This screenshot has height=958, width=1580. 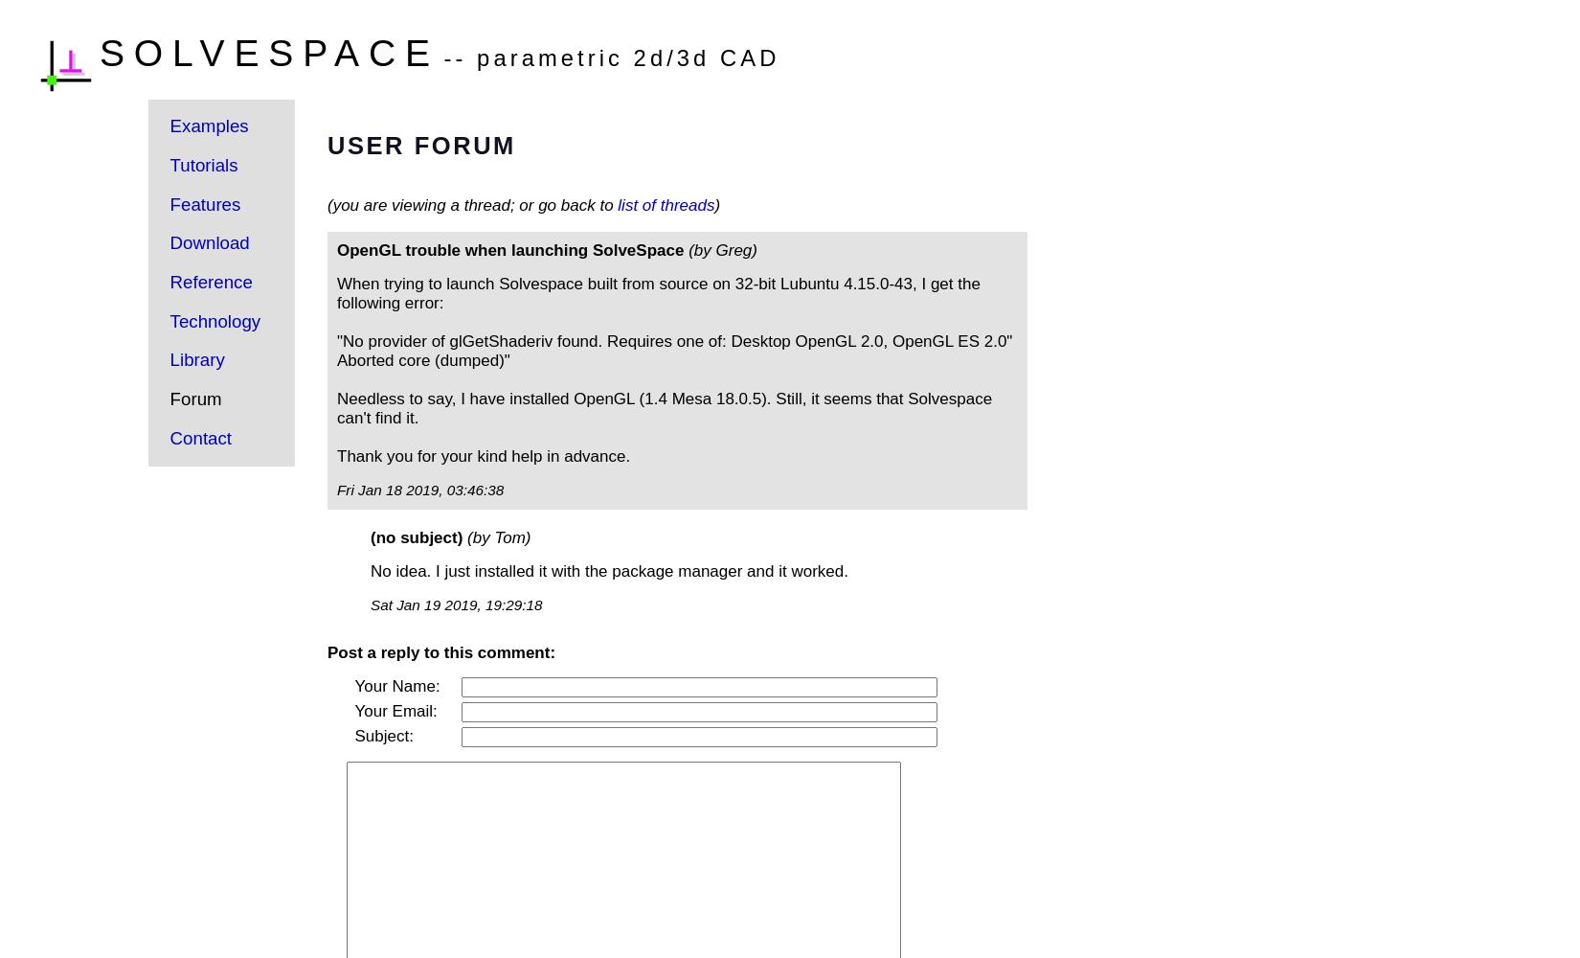 What do you see at coordinates (688, 249) in the screenshot?
I see `'(by Greg)'` at bounding box center [688, 249].